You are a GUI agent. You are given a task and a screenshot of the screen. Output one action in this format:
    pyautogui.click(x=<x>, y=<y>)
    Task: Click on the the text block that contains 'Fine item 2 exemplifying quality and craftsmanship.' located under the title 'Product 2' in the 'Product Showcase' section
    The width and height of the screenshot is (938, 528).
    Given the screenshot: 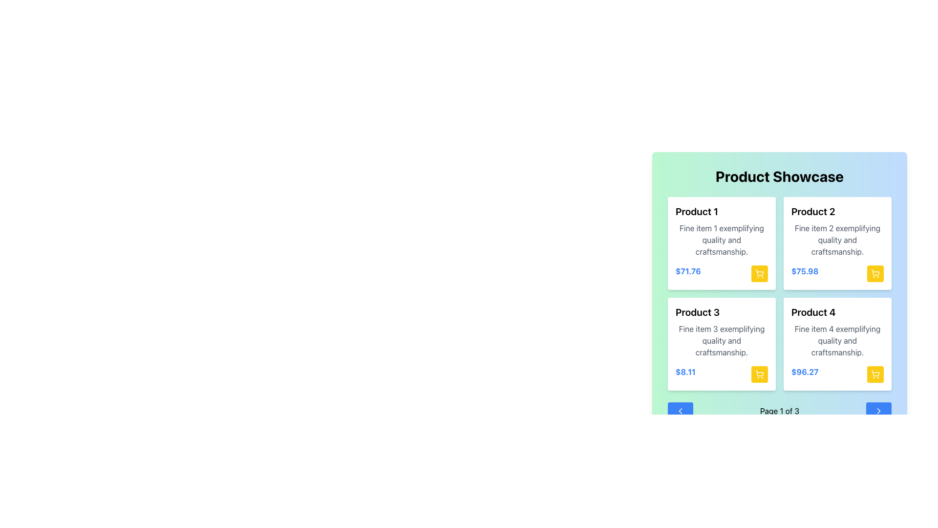 What is the action you would take?
    pyautogui.click(x=837, y=240)
    